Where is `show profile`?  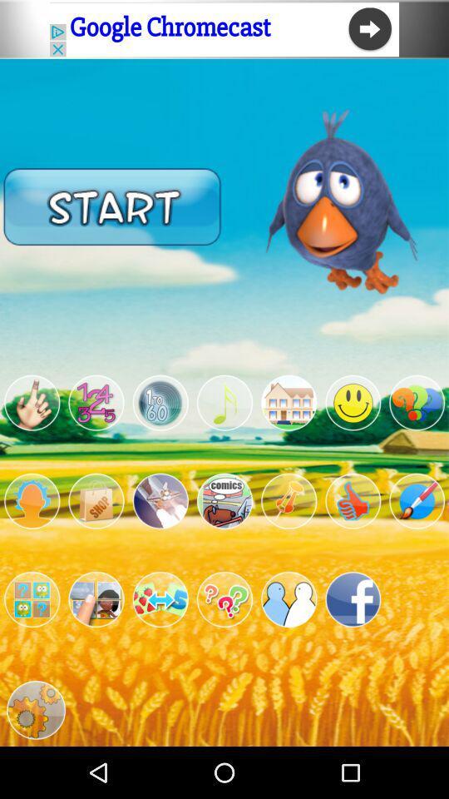 show profile is located at coordinates (32, 500).